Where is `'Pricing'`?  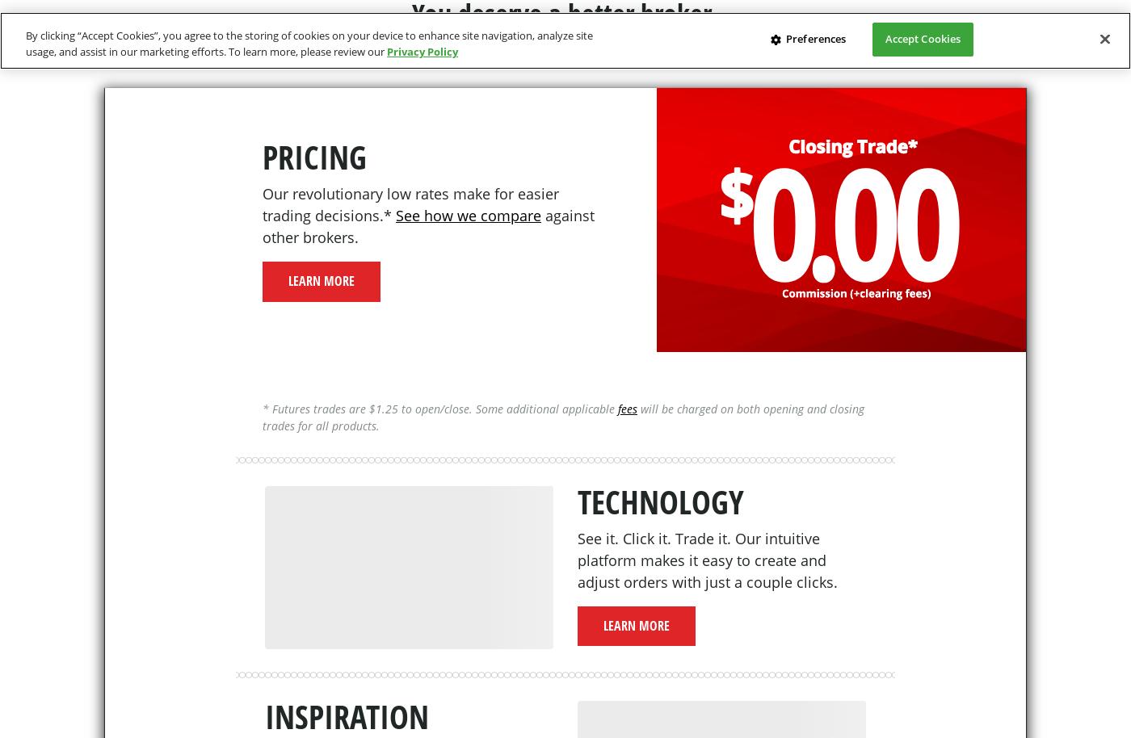 'Pricing' is located at coordinates (314, 157).